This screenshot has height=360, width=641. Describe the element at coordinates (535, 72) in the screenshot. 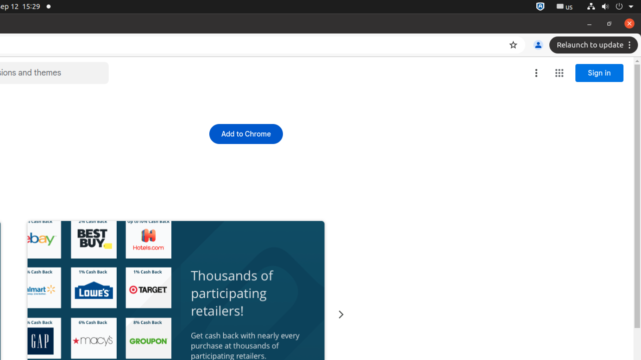

I see `'More options menu'` at that location.